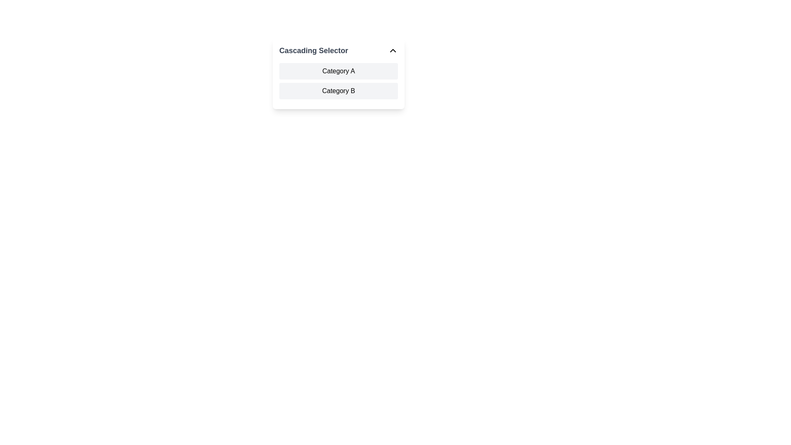 The height and width of the screenshot is (445, 791). What do you see at coordinates (338, 71) in the screenshot?
I see `the first option in the dropdown menu labeled 'Category A'` at bounding box center [338, 71].